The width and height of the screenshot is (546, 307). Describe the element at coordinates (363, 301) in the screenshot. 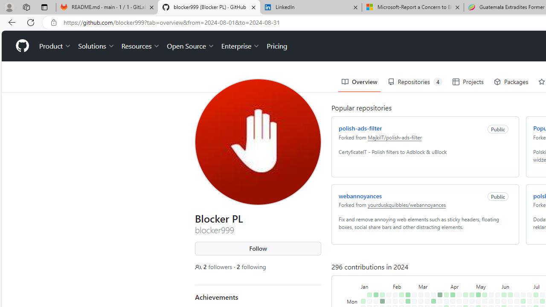

I see `'1 contribution on January 1st.'` at that location.